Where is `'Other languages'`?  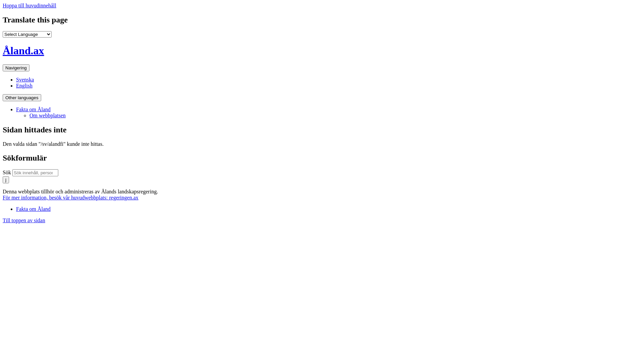 'Other languages' is located at coordinates (22, 98).